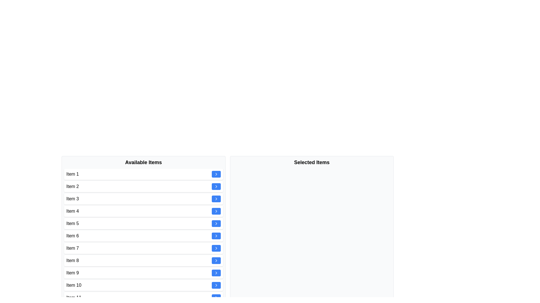 Image resolution: width=540 pixels, height=303 pixels. I want to click on the button of the interactive list item labeled 'Item 10', so click(143, 285).